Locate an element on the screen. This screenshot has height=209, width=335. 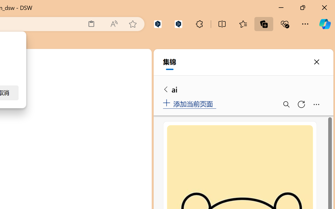
'Copilot (Ctrl+Shift+.)' is located at coordinates (325, 24).